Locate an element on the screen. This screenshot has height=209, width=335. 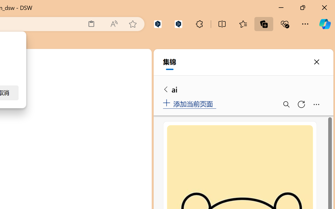
'Copilot (Ctrl+Shift+.)' is located at coordinates (325, 24).